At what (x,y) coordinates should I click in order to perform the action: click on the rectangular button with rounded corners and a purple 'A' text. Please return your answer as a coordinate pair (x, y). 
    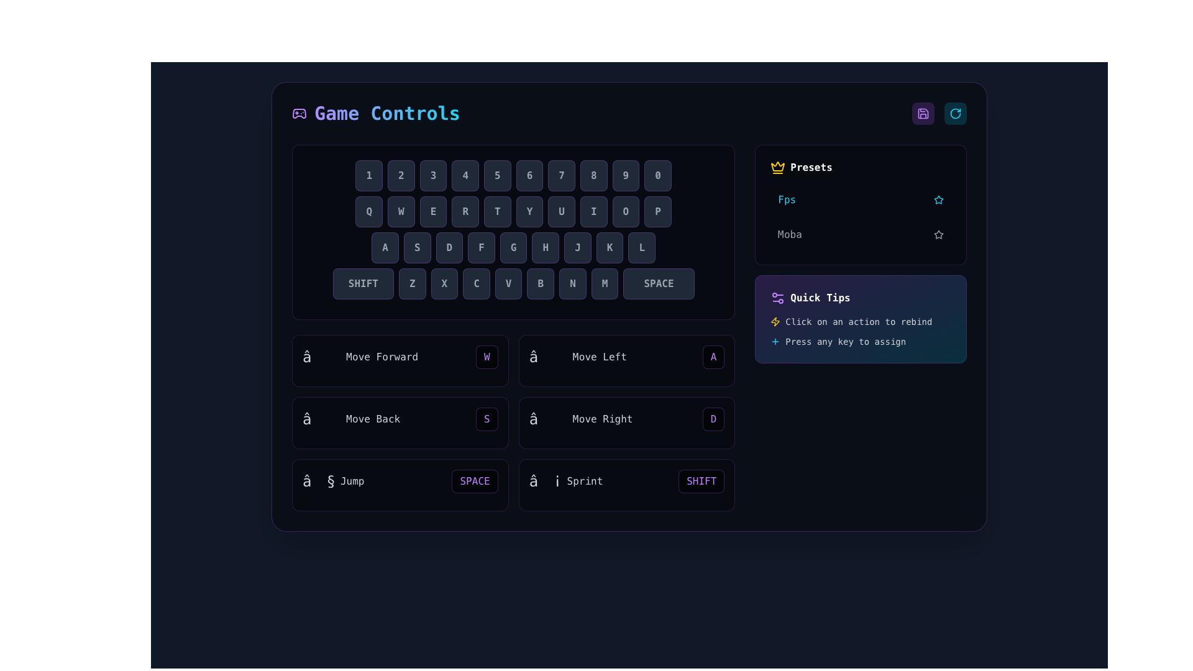
    Looking at the image, I should click on (713, 357).